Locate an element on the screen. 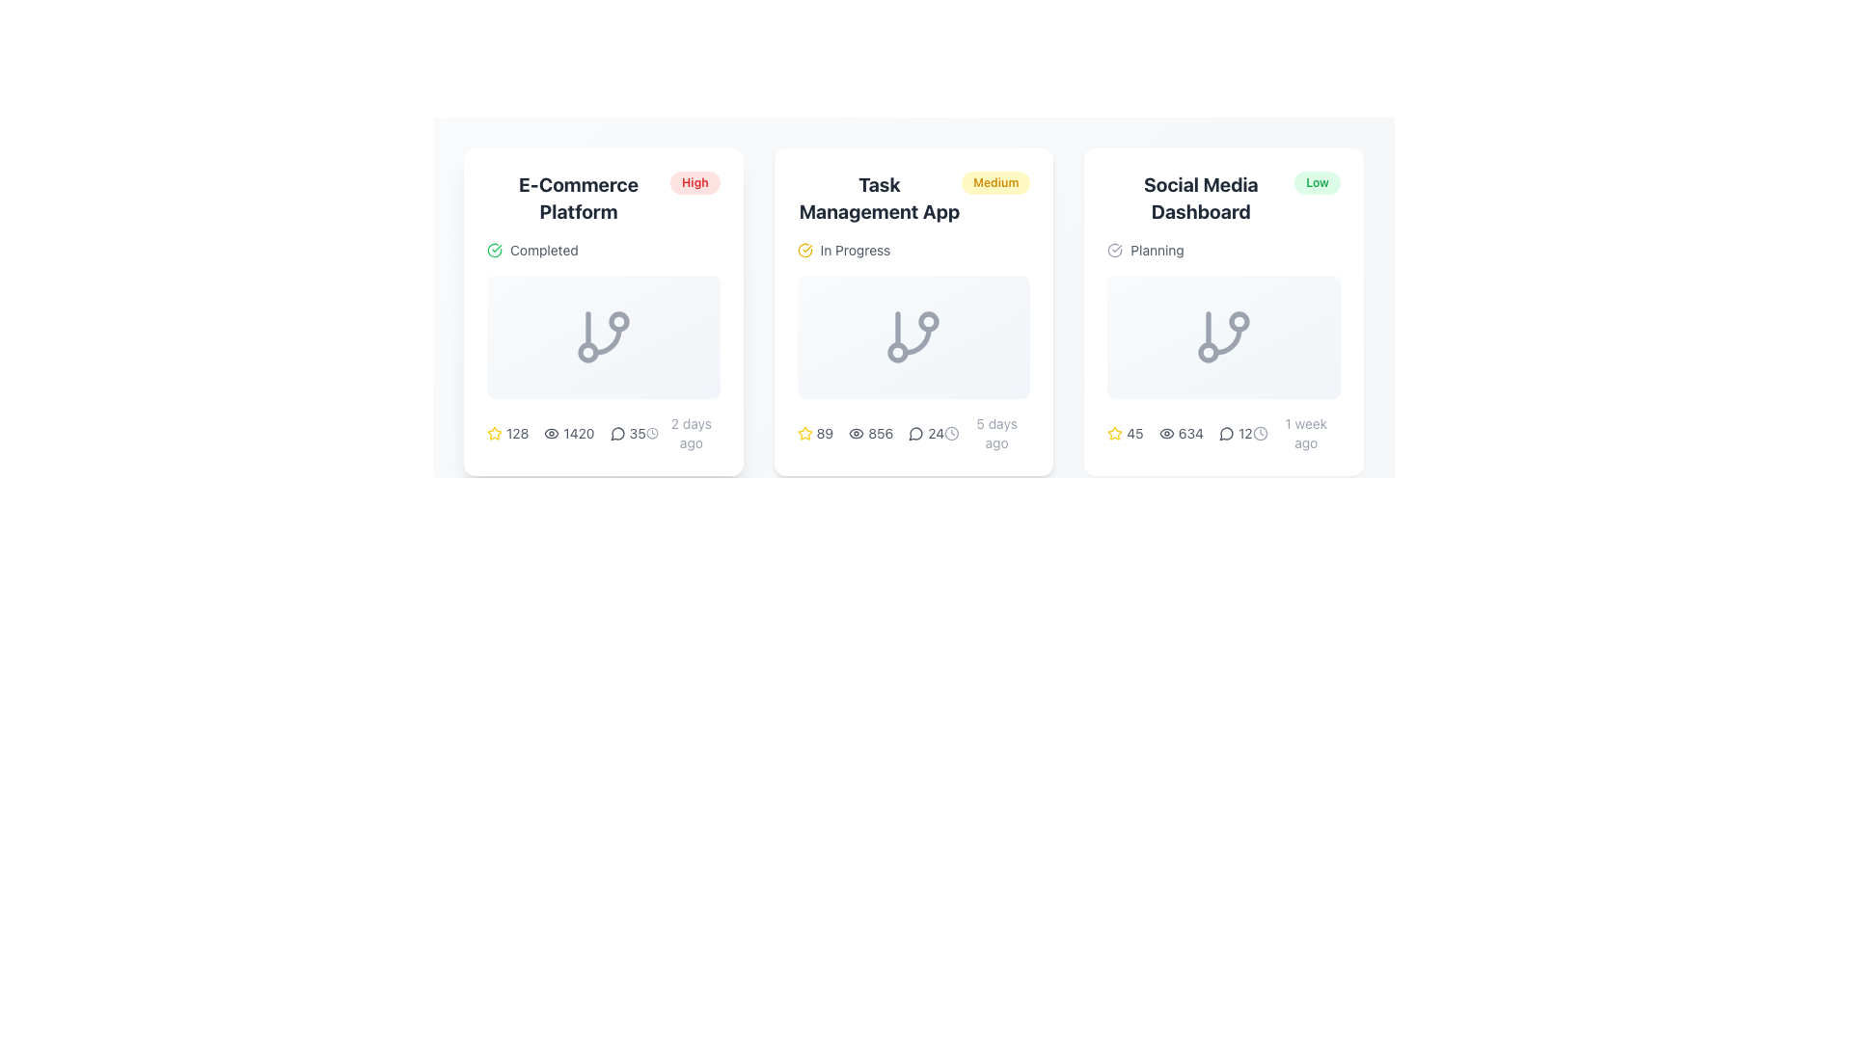  the circular message bubble icon in the bottom right corner of the 'Social Media Dashboard' card is located at coordinates (1226, 434).